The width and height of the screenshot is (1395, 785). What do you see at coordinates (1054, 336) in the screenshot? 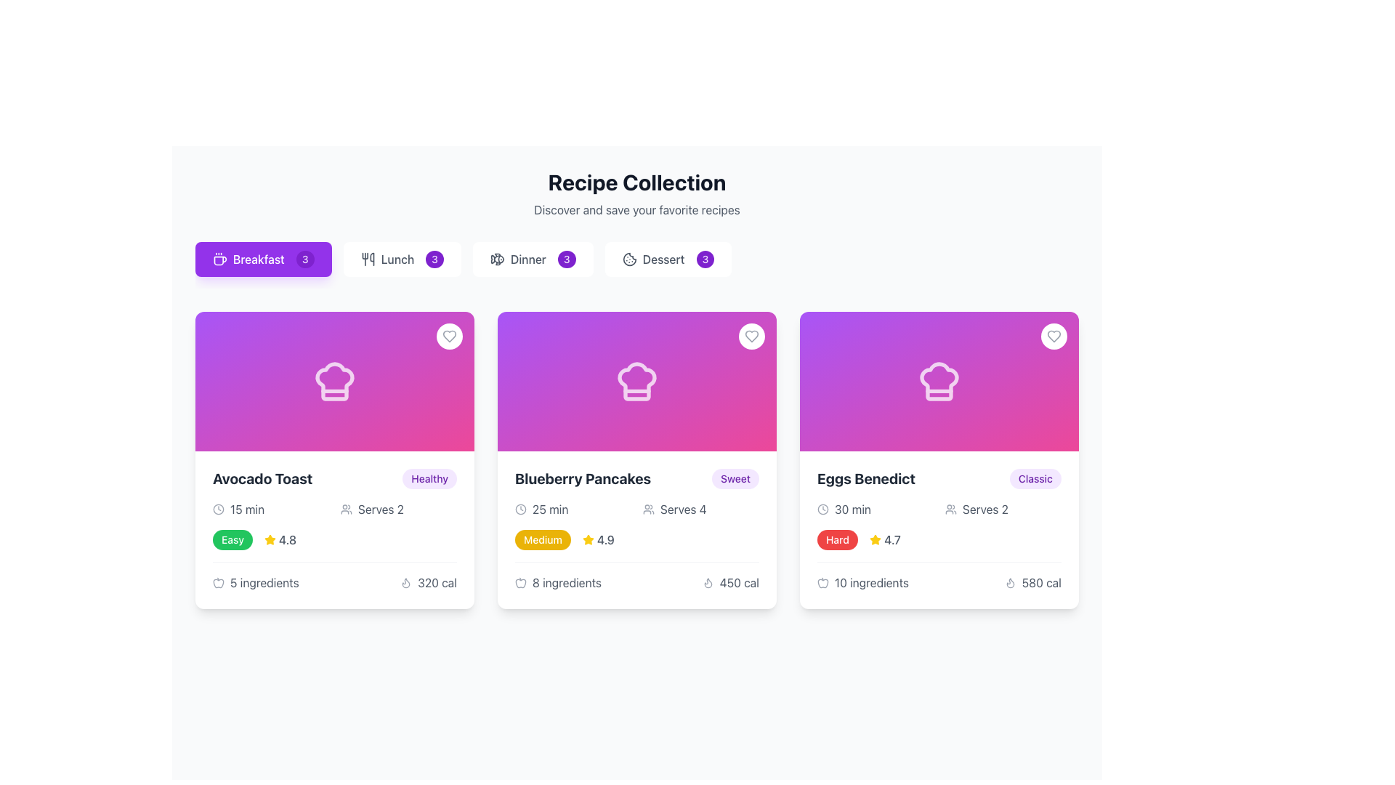
I see `the heart-shaped icon located at the top-right corner of the 'Eggs Benedict' recipe card` at bounding box center [1054, 336].